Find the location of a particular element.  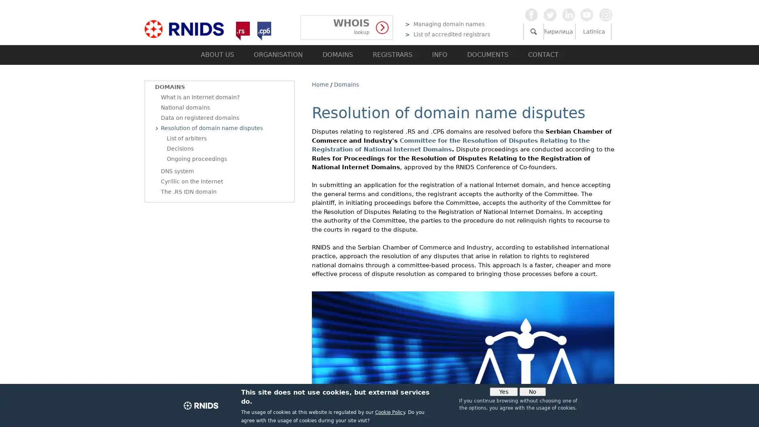

Yes is located at coordinates (503, 392).